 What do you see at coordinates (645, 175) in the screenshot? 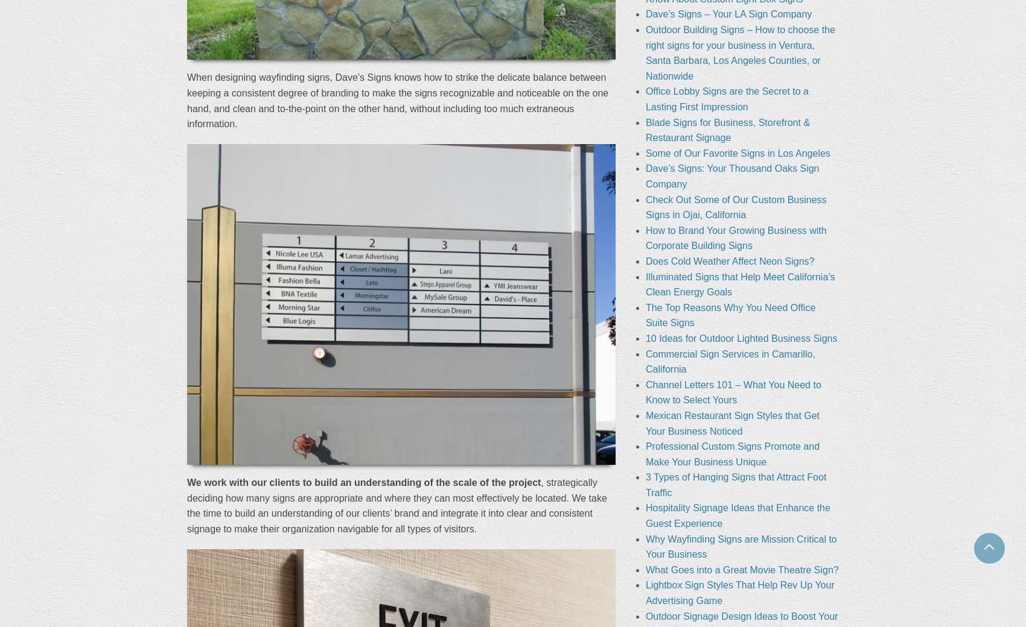
I see `'Dave’s Signs: Your Thousand Oaks Sign Company'` at bounding box center [645, 175].